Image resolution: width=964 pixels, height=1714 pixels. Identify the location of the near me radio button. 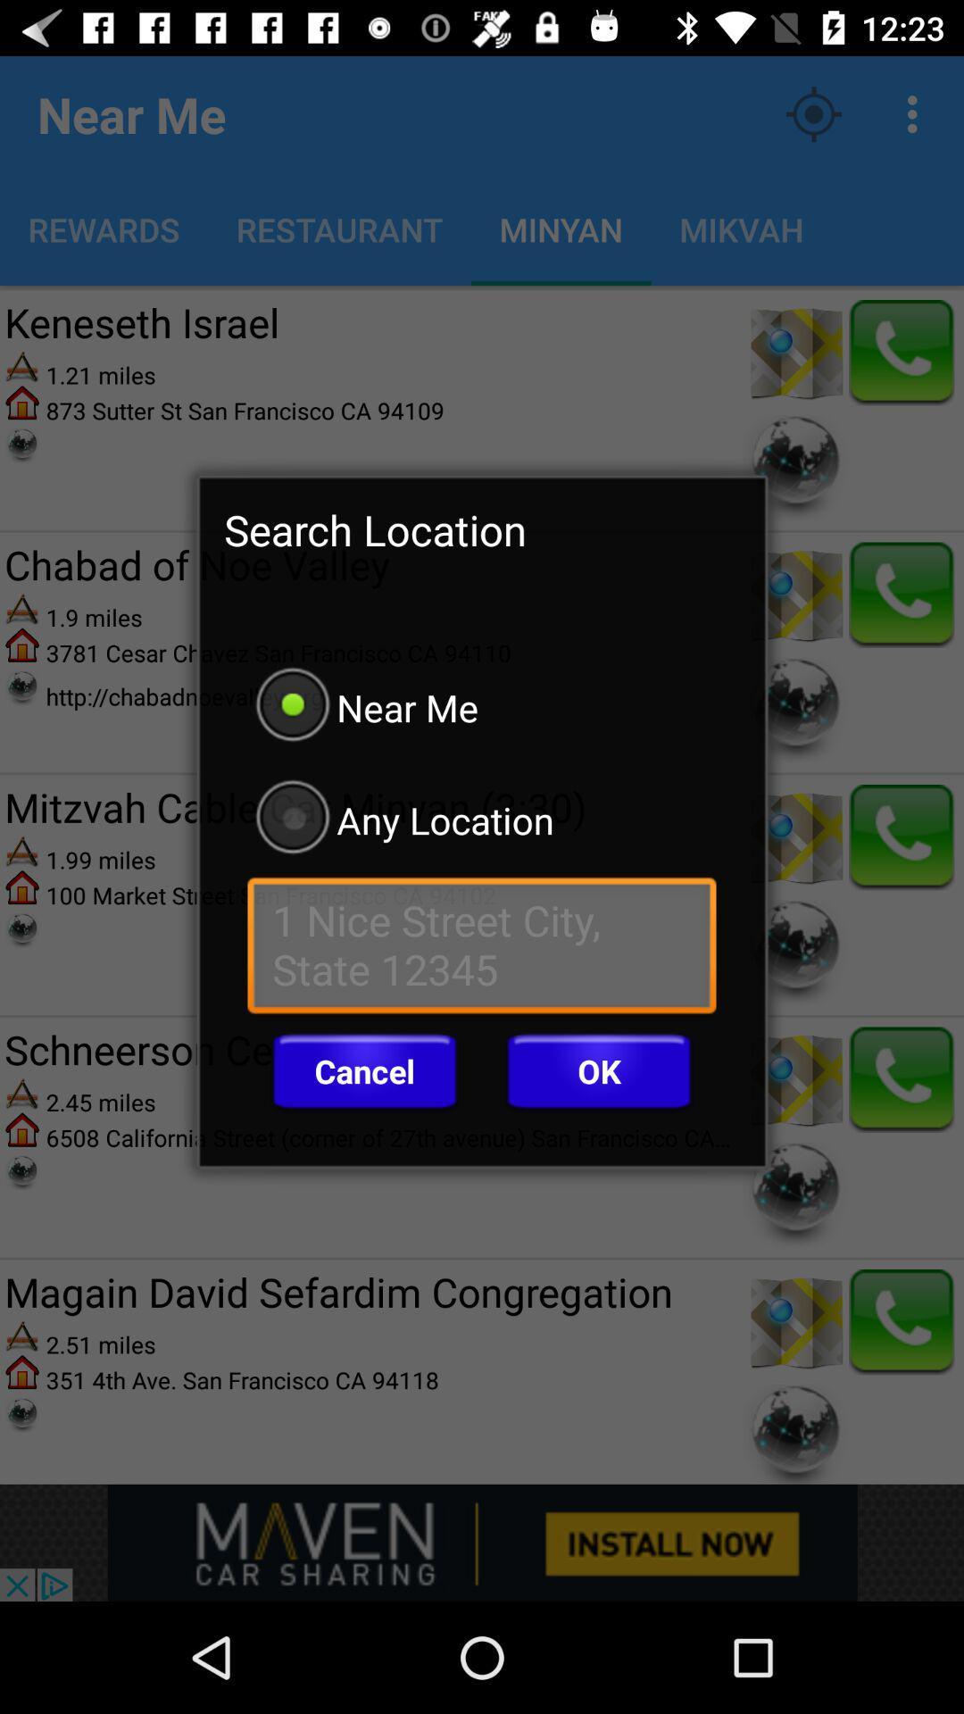
(482, 706).